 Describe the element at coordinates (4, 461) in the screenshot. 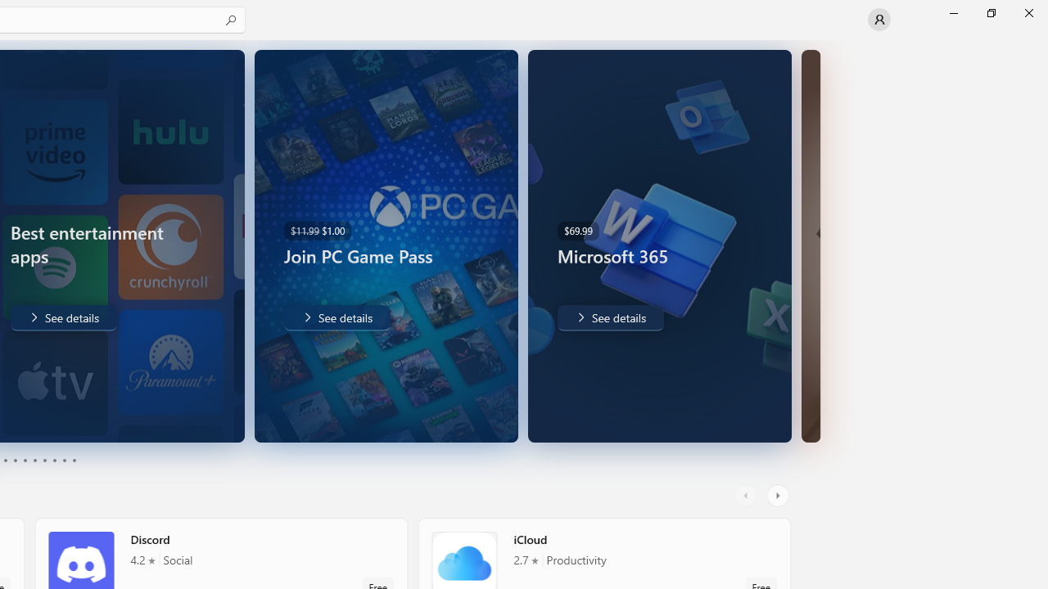

I see `'Page 3'` at that location.